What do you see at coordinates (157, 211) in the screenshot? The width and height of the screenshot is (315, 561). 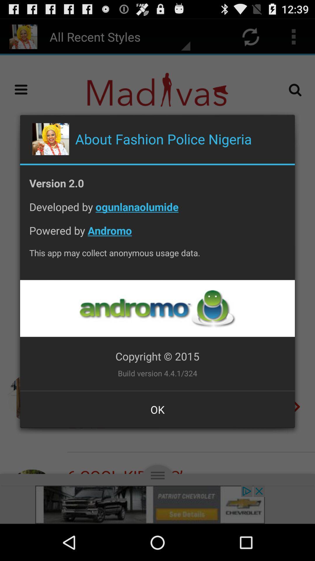 I see `developed by ogunlanaolumide app` at bounding box center [157, 211].